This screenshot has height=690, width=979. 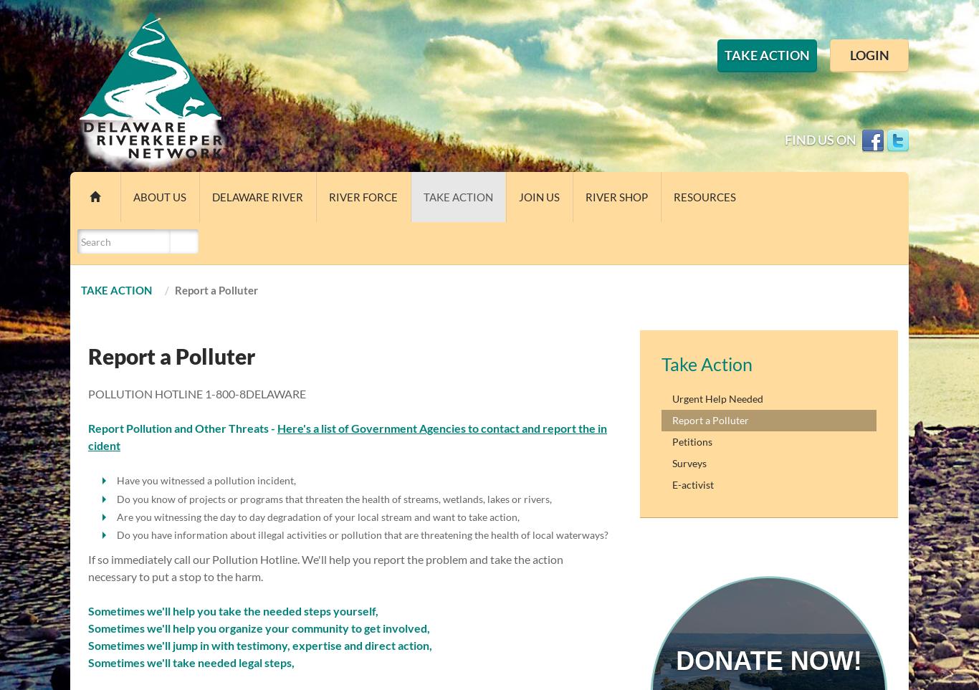 I want to click on 'Are you witnessing the day to day degradation of your local stream and want to take action,', so click(x=317, y=515).